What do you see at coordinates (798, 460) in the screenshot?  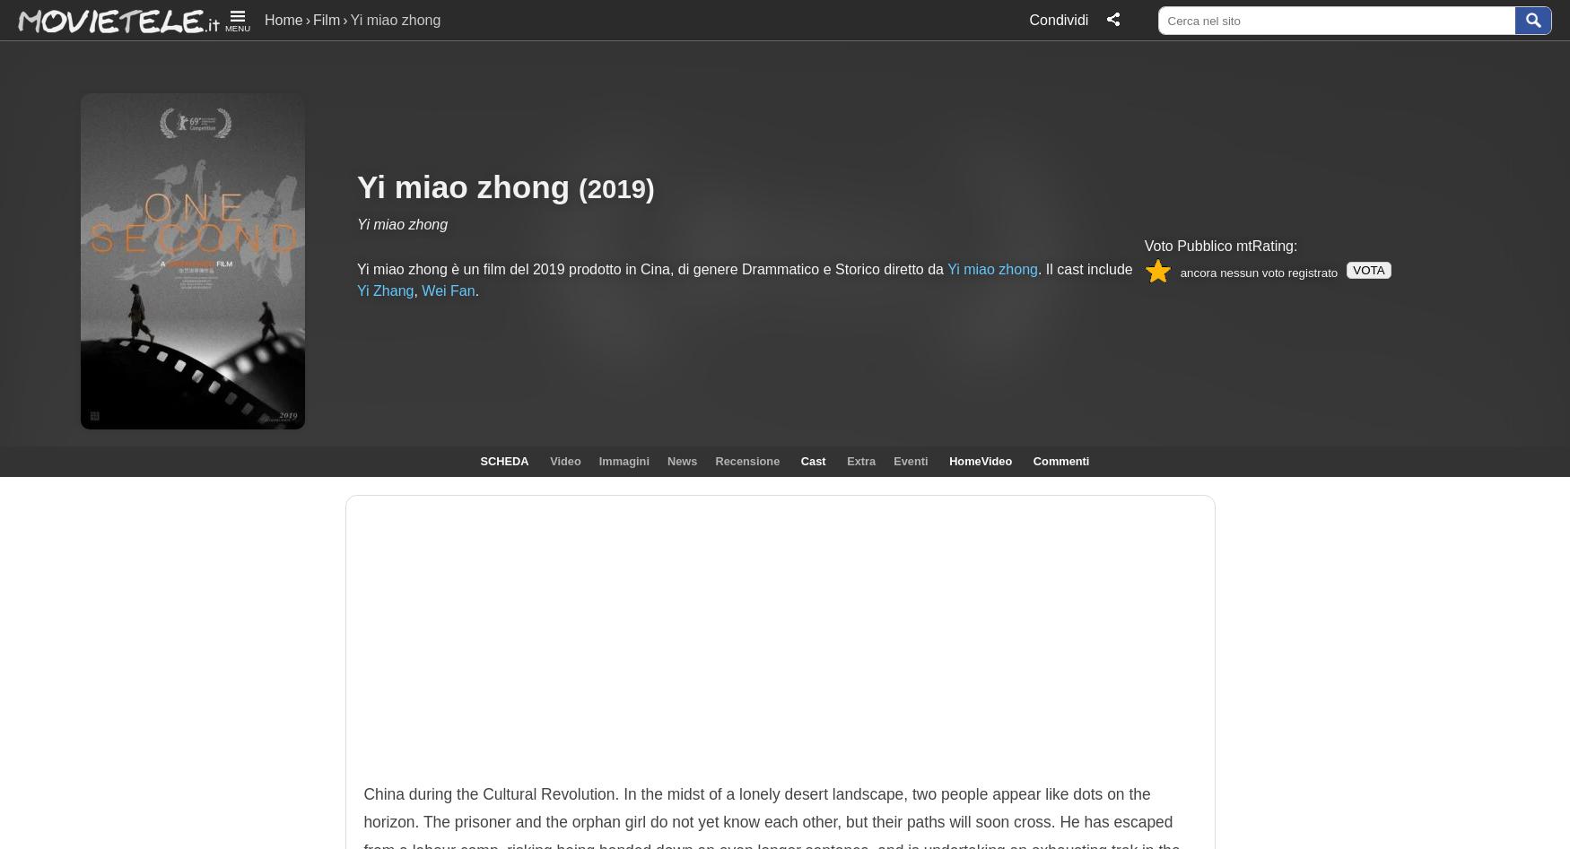 I see `'Cast'` at bounding box center [798, 460].